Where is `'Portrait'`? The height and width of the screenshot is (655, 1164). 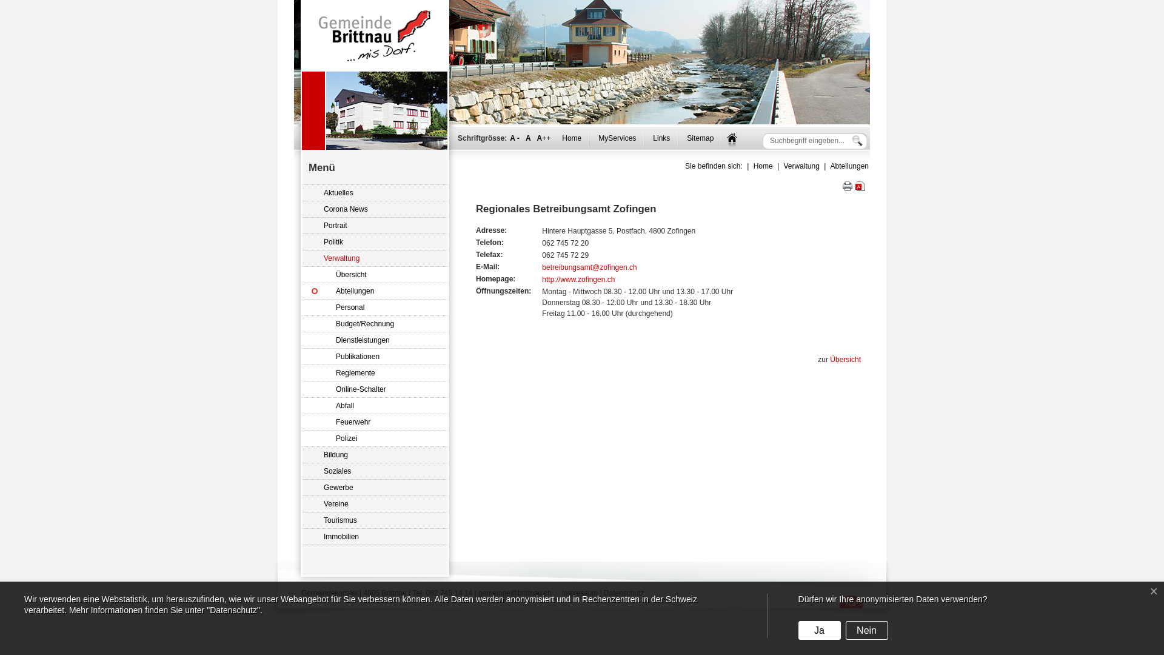 'Portrait' is located at coordinates (374, 226).